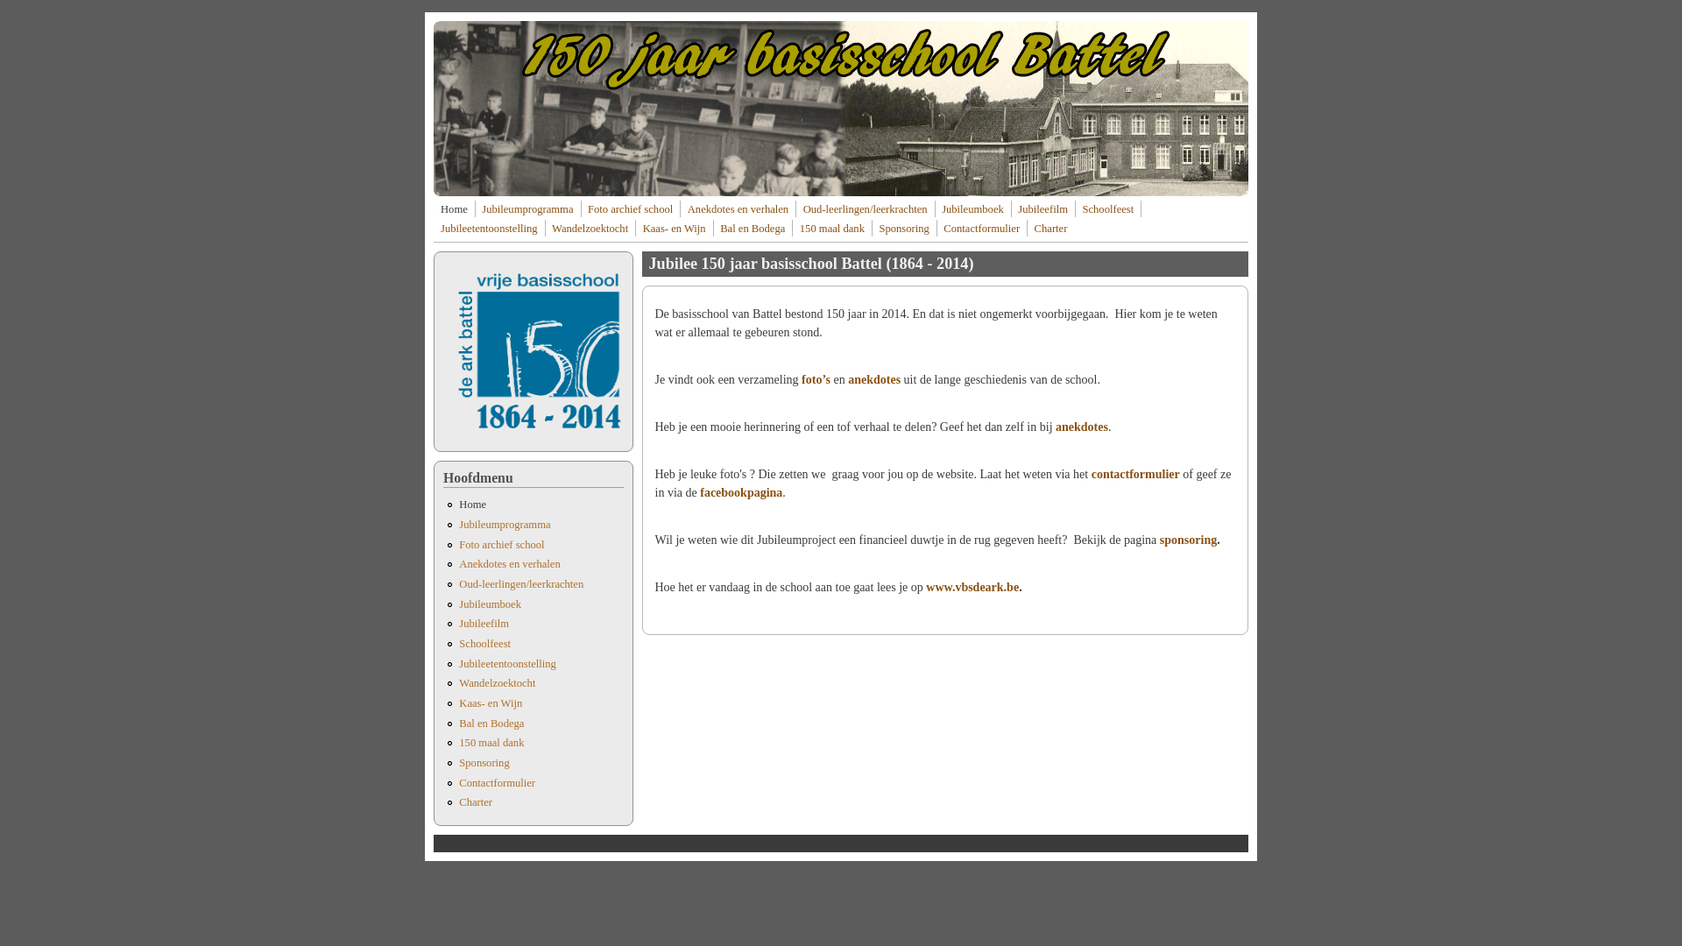 The height and width of the screenshot is (946, 1682). I want to click on 'Wandelzoektocht', so click(496, 681).